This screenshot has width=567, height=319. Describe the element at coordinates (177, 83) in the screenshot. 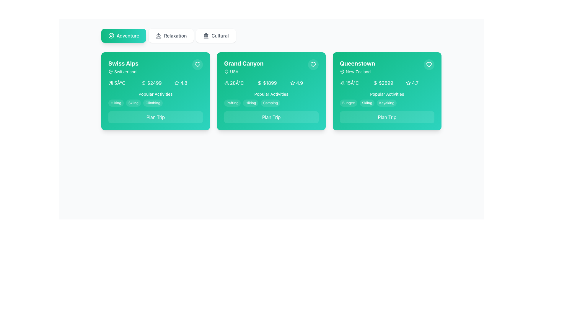

I see `the star-shaped icon representing the rating for 'Swiss Alps' to interact with the rating system` at that location.